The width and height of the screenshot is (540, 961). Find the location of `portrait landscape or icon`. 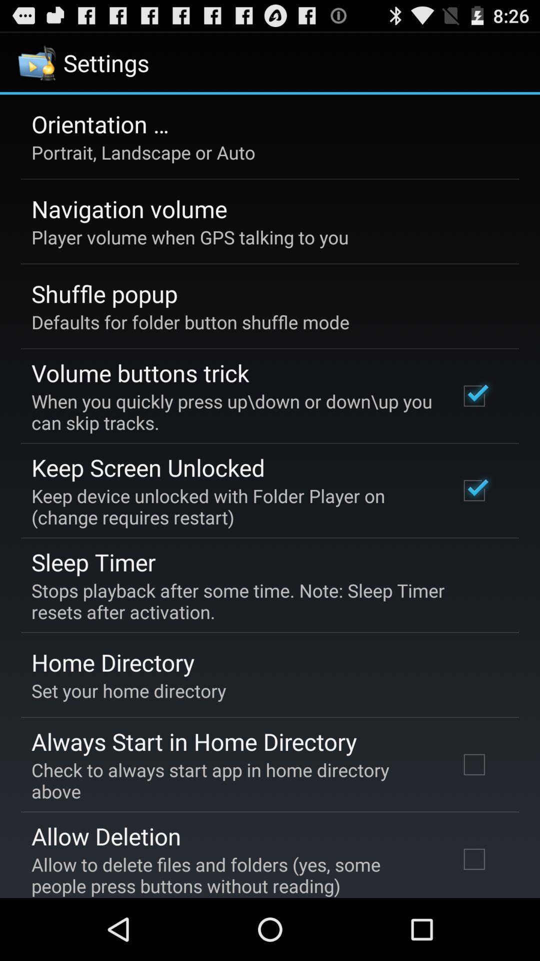

portrait landscape or icon is located at coordinates (143, 152).